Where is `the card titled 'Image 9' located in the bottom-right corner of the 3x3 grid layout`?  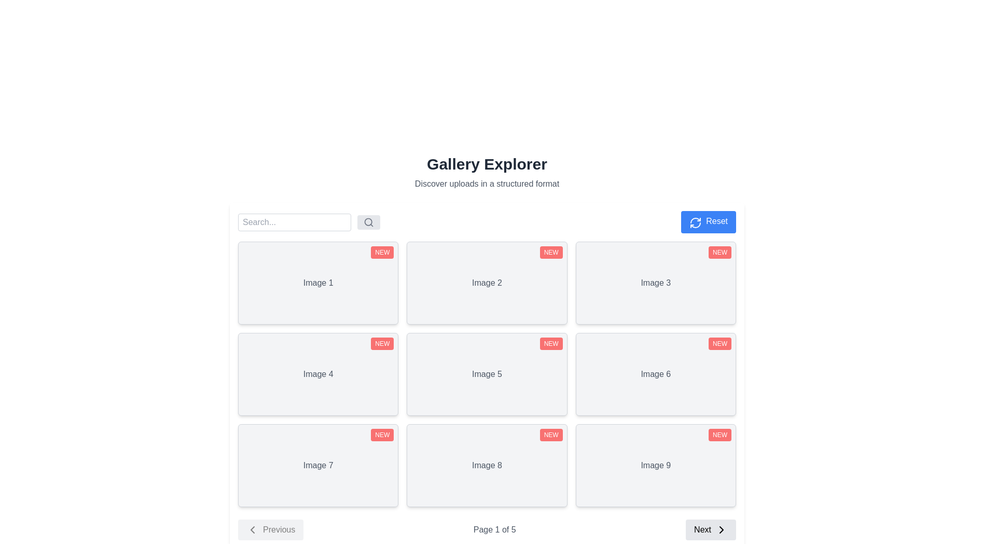 the card titled 'Image 9' located in the bottom-right corner of the 3x3 grid layout is located at coordinates (655, 465).